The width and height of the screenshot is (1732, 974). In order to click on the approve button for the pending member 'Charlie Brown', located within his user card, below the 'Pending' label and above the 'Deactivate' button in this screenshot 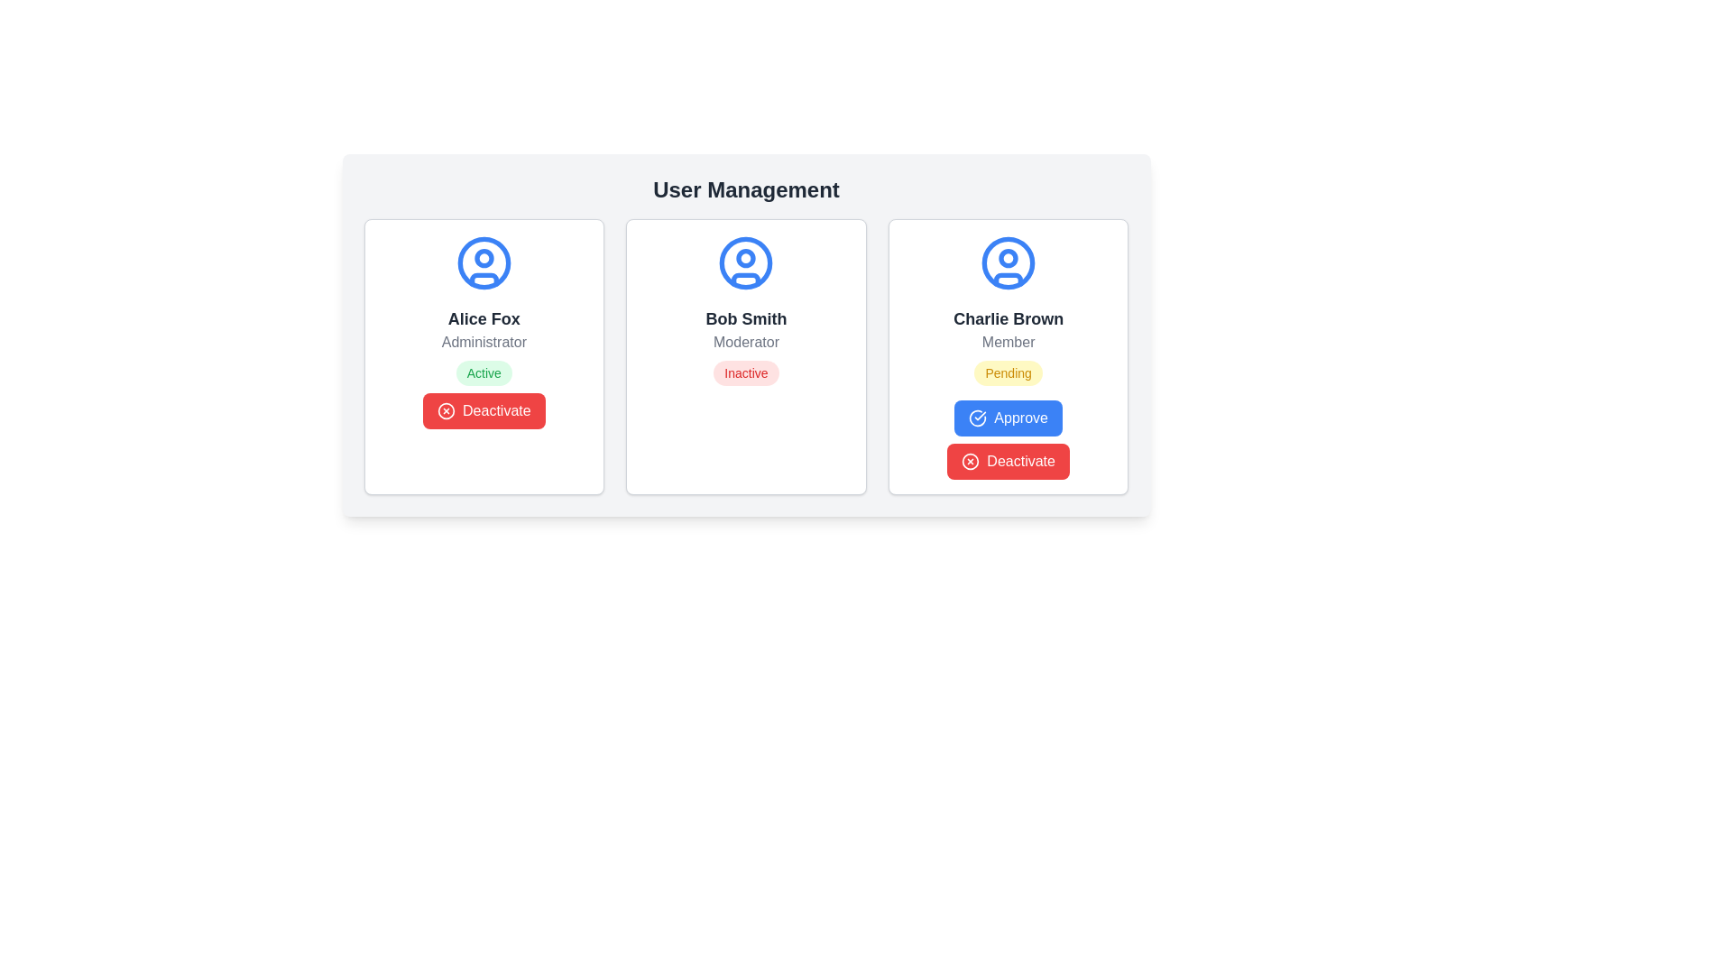, I will do `click(1008, 418)`.